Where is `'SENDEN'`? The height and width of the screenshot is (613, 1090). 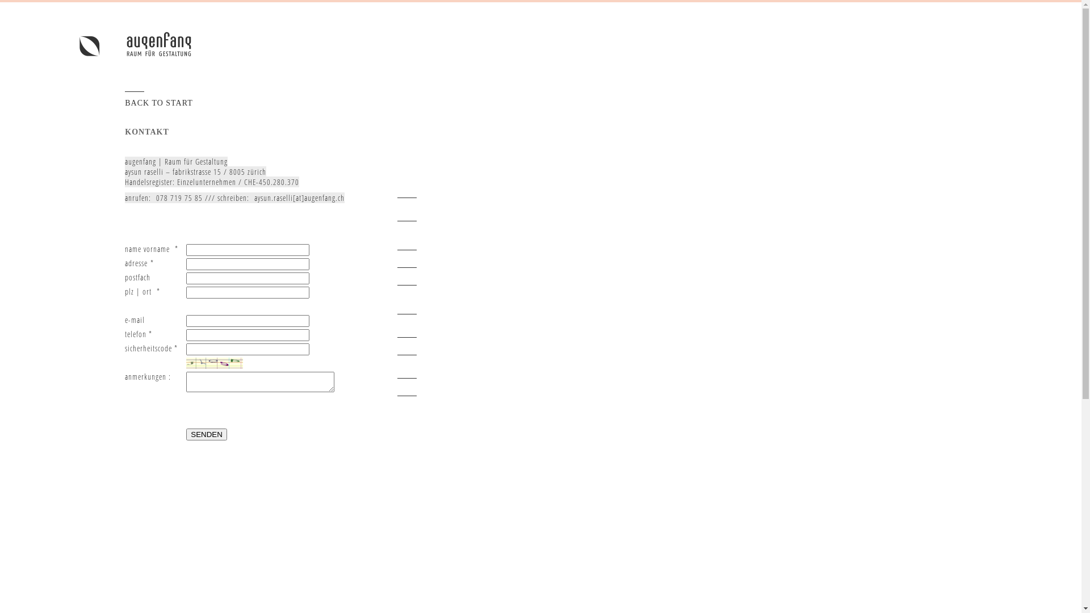 'SENDEN' is located at coordinates (207, 434).